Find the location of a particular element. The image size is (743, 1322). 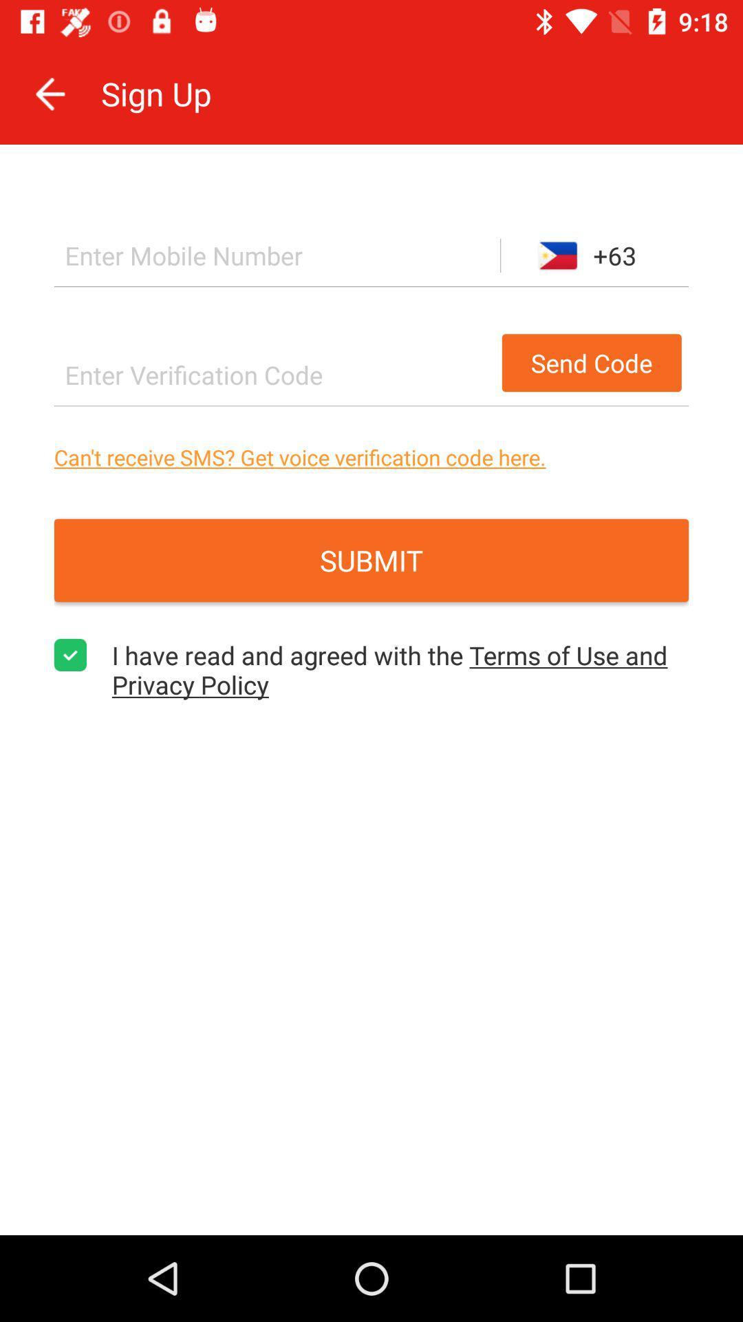

the i have read item is located at coordinates (400, 670).